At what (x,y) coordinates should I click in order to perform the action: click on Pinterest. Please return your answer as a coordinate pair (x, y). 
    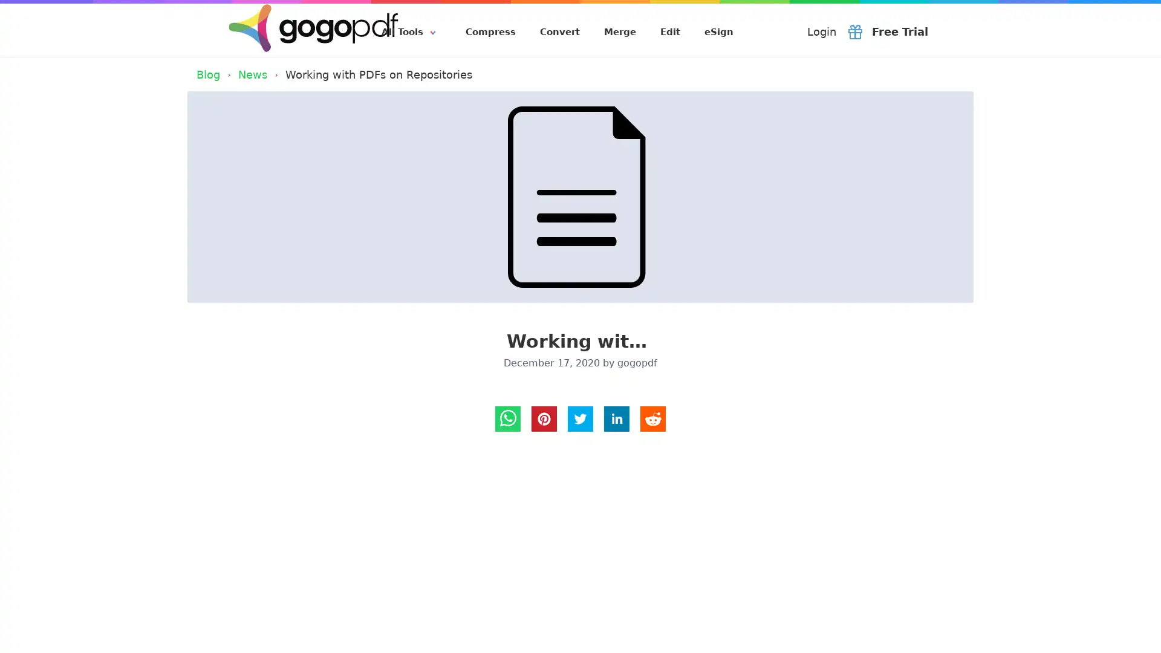
    Looking at the image, I should click on (544, 418).